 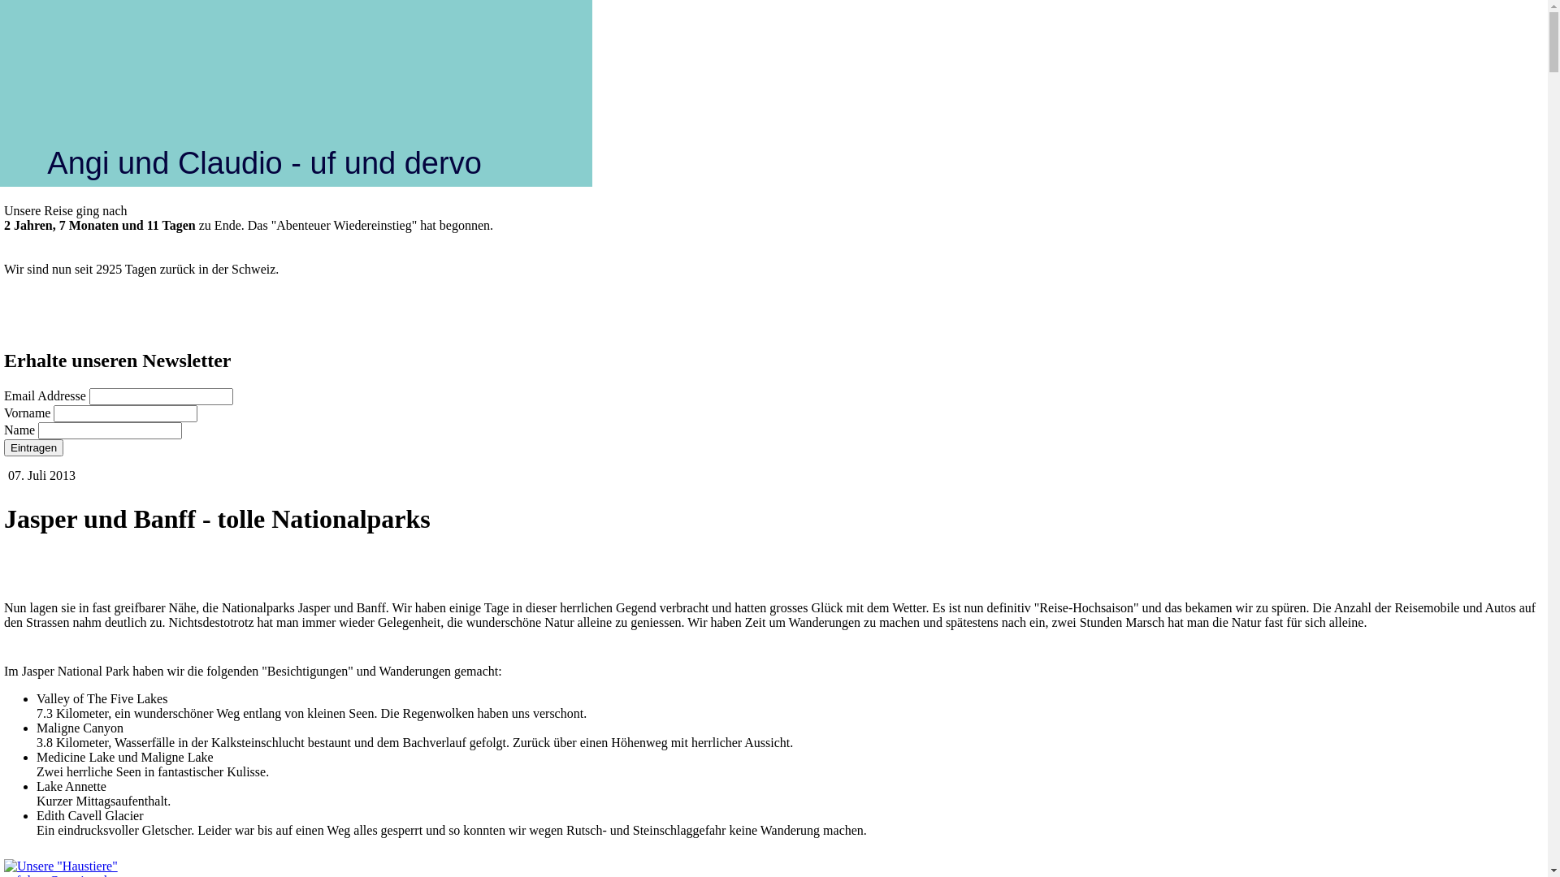 What do you see at coordinates (33, 447) in the screenshot?
I see `'Eintragen'` at bounding box center [33, 447].